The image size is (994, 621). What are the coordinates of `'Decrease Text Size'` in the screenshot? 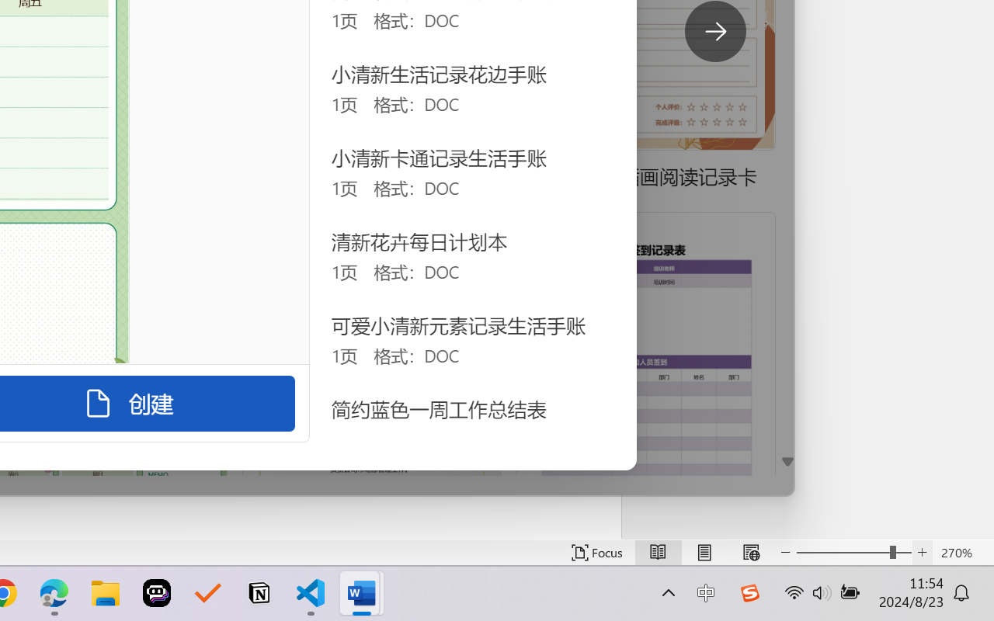 It's located at (785, 552).